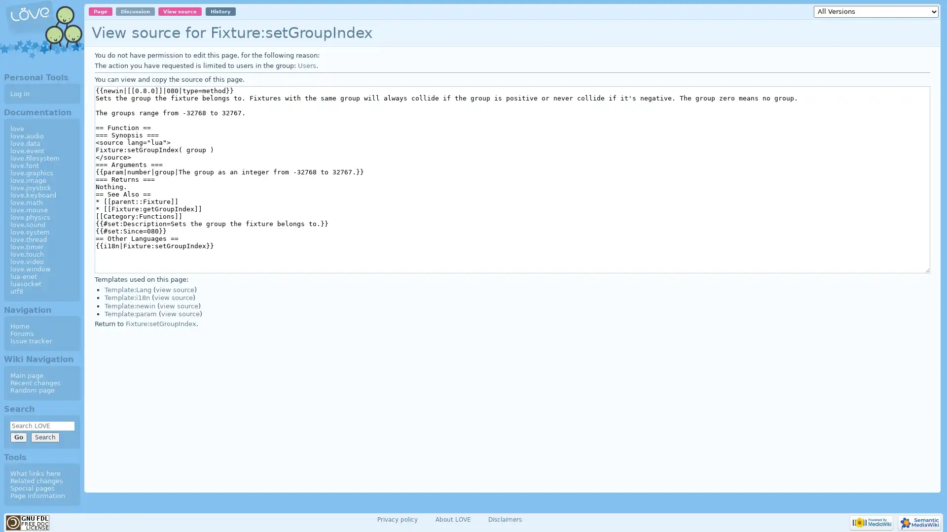 This screenshot has width=947, height=532. I want to click on Go, so click(18, 436).